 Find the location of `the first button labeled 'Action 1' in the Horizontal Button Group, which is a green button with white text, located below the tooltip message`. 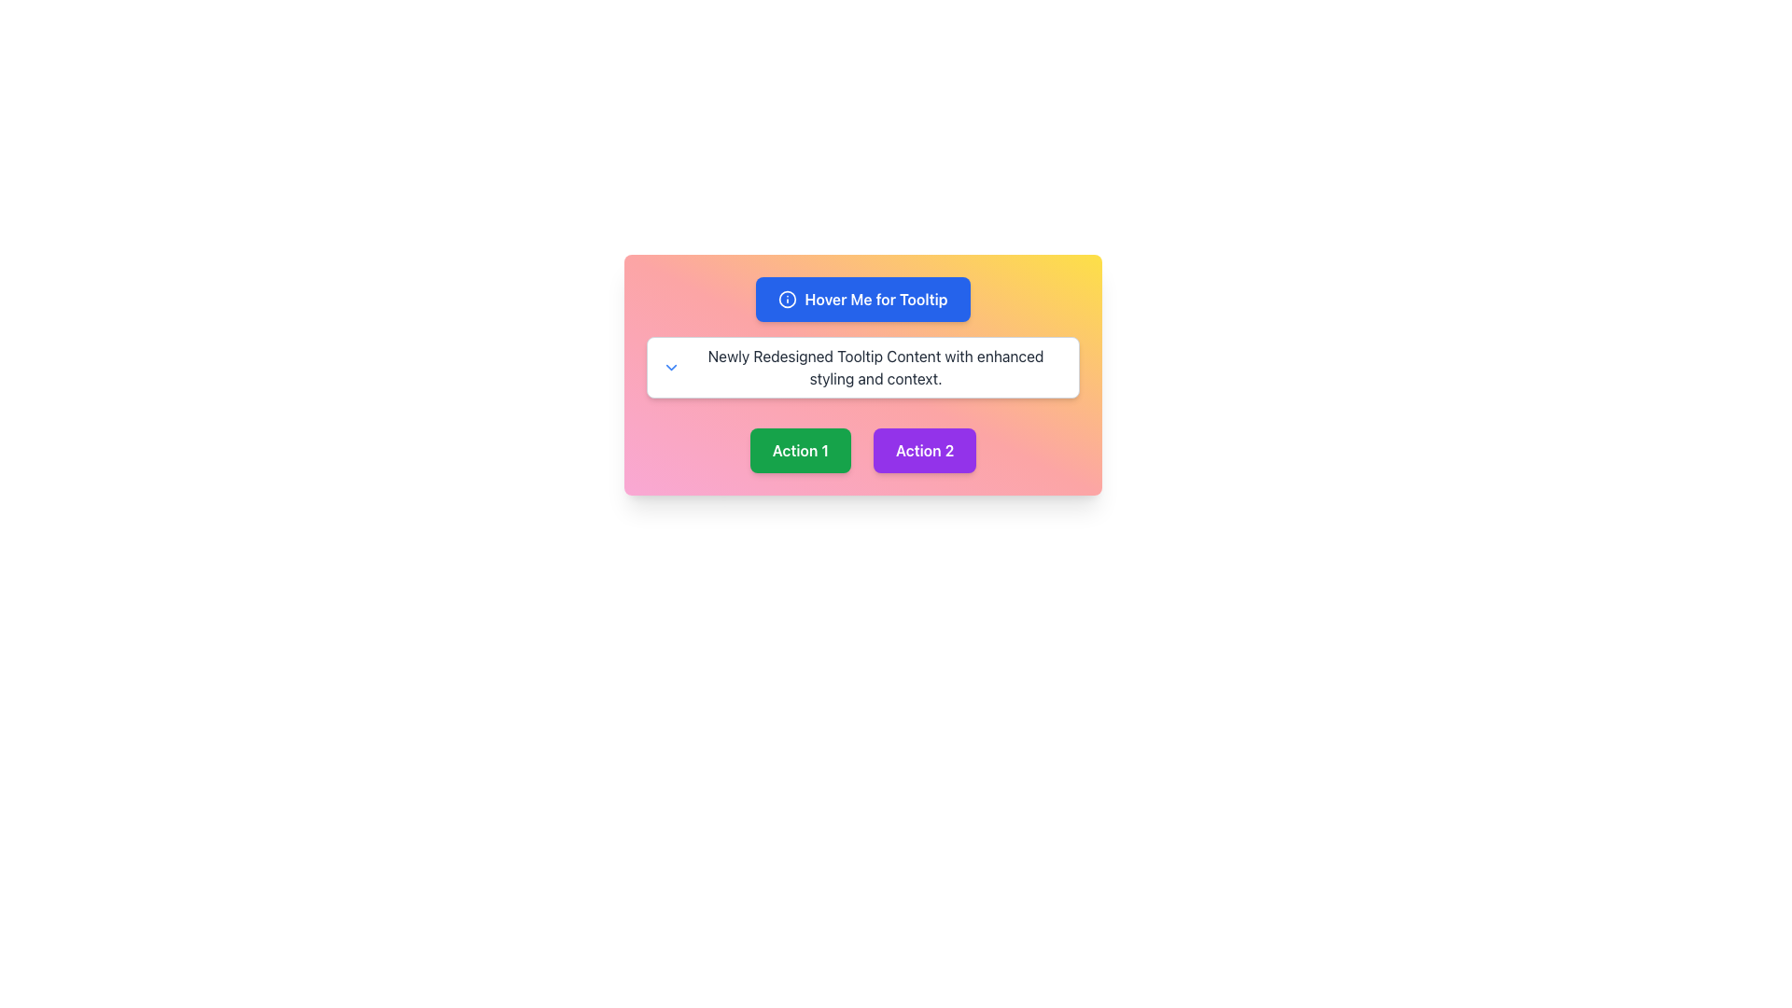

the first button labeled 'Action 1' in the Horizontal Button Group, which is a green button with white text, located below the tooltip message is located at coordinates (862, 442).